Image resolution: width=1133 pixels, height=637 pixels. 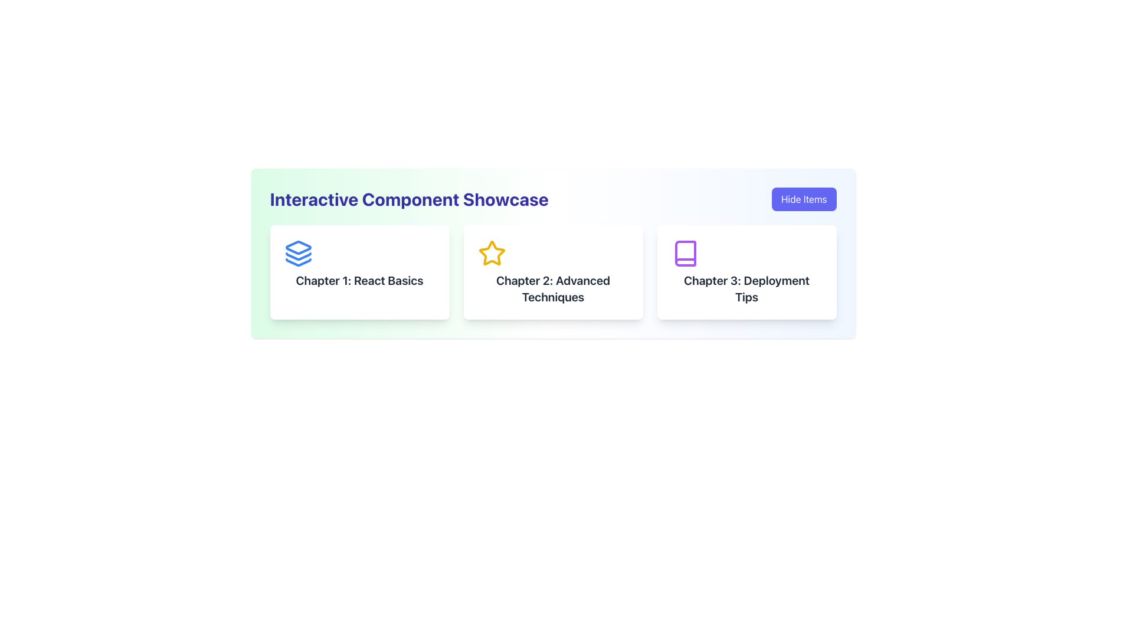 I want to click on the star-shaped icon outlined with a yellow stroke, located on the middle card labeled 'Chapter 2: Advanced Techniques' in the three-card layout, so click(x=492, y=252).